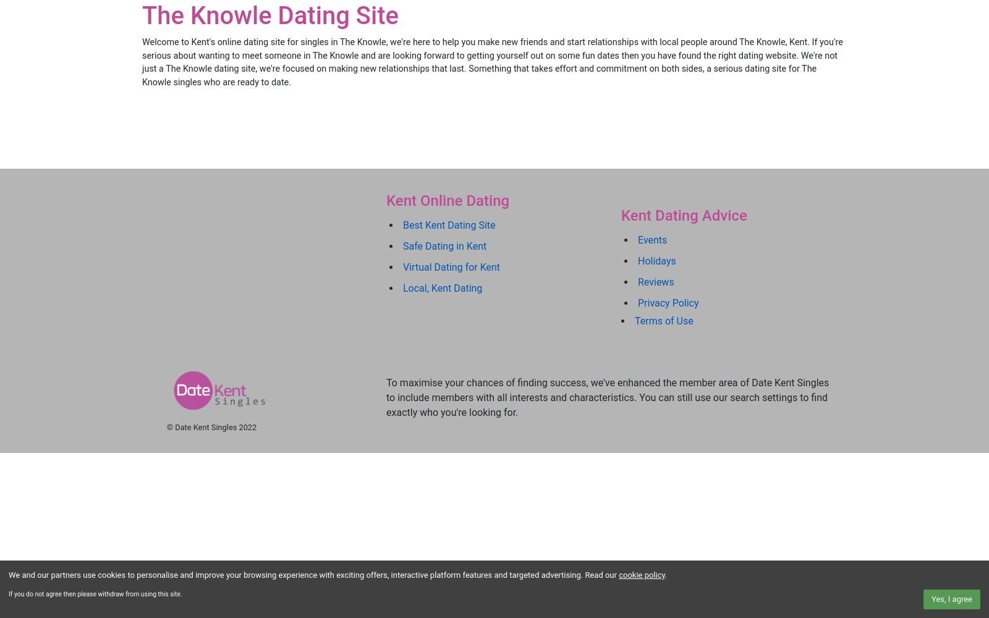 The height and width of the screenshot is (618, 989). I want to click on 'Events', so click(652, 239).